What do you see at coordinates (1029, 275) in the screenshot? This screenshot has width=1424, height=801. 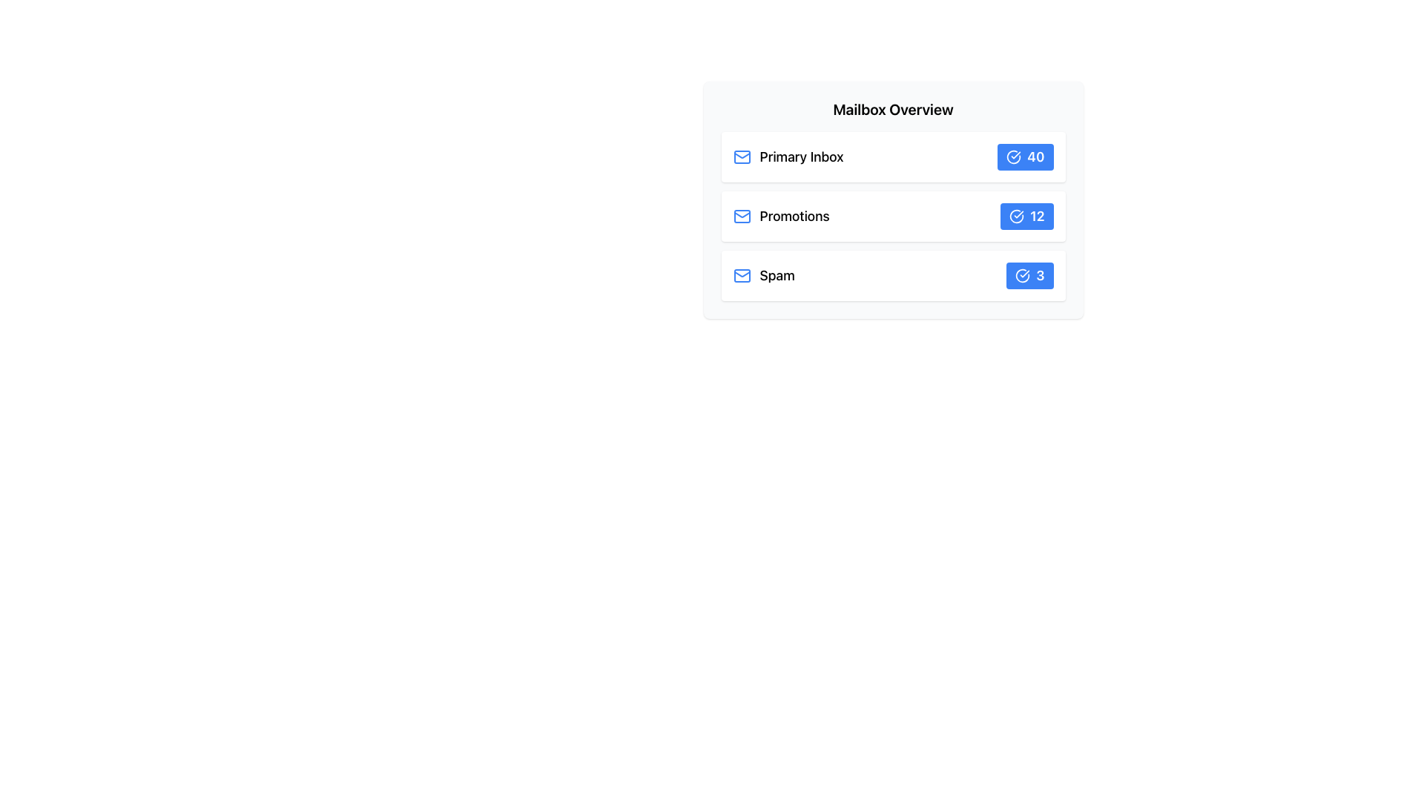 I see `the blue button displaying the number '3' with a circular check icon, located on the right side of the 'Spam' row in the 'Mailbox Overview' panel` at bounding box center [1029, 275].